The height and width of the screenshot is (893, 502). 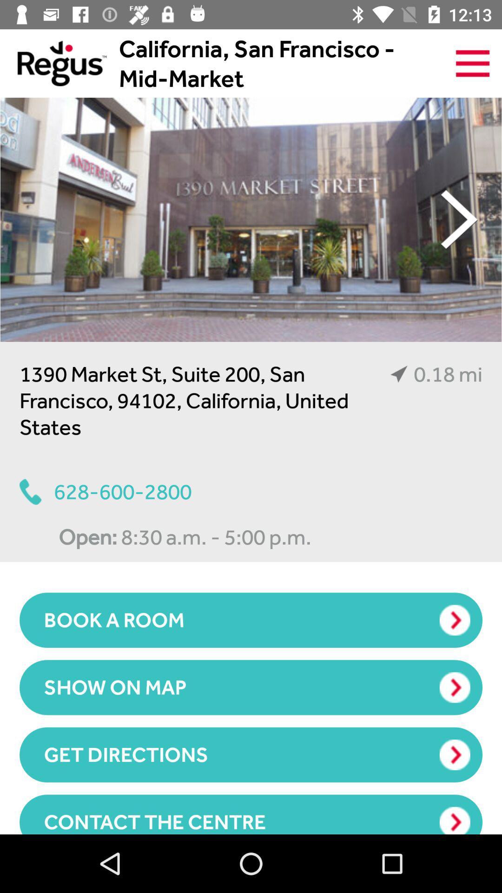 What do you see at coordinates (105, 491) in the screenshot?
I see `628-600-2800 item` at bounding box center [105, 491].